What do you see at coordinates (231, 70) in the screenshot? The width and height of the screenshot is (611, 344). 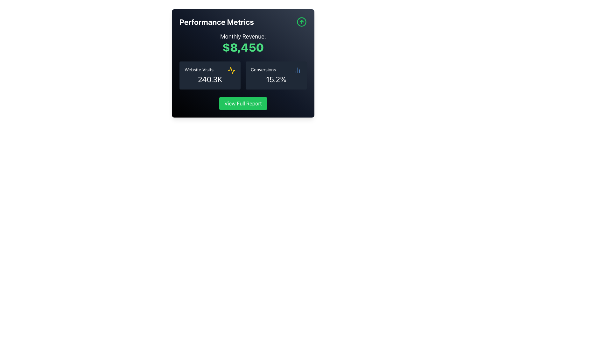 I see `the icon representing data visualization in the 'Website Visits' metrics section, located adjacent to the text '240.3K'` at bounding box center [231, 70].